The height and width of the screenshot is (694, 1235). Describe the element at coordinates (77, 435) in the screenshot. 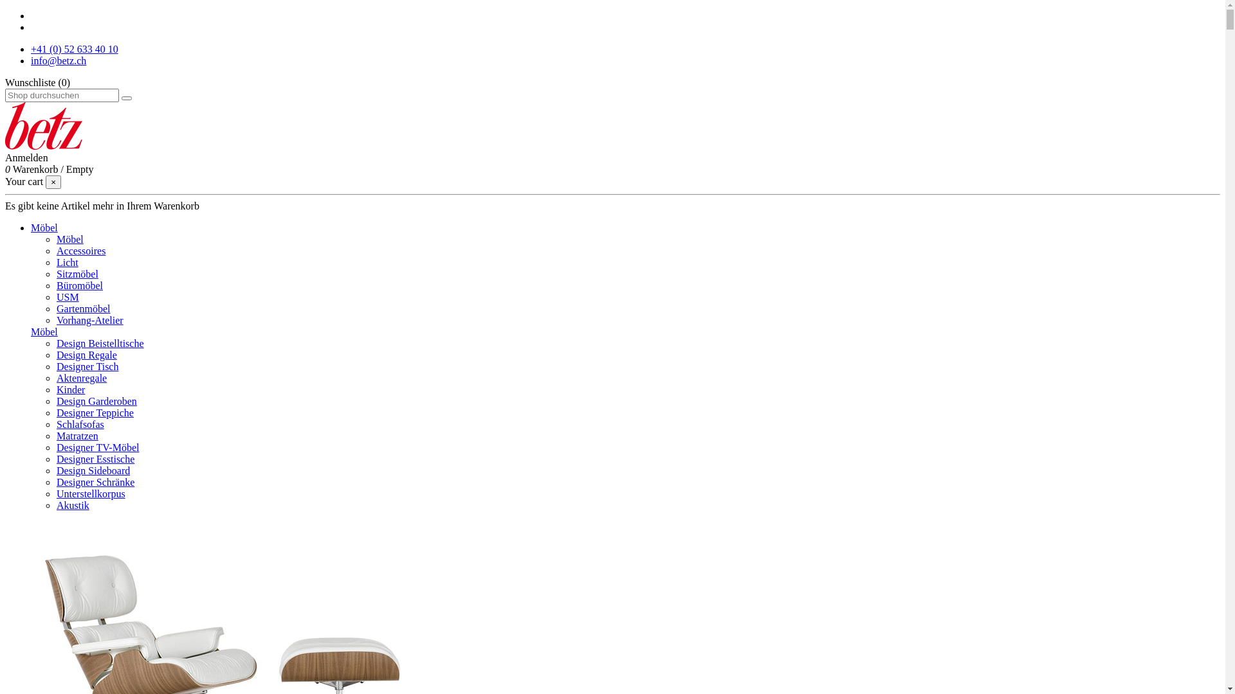

I see `'Matratzen'` at that location.